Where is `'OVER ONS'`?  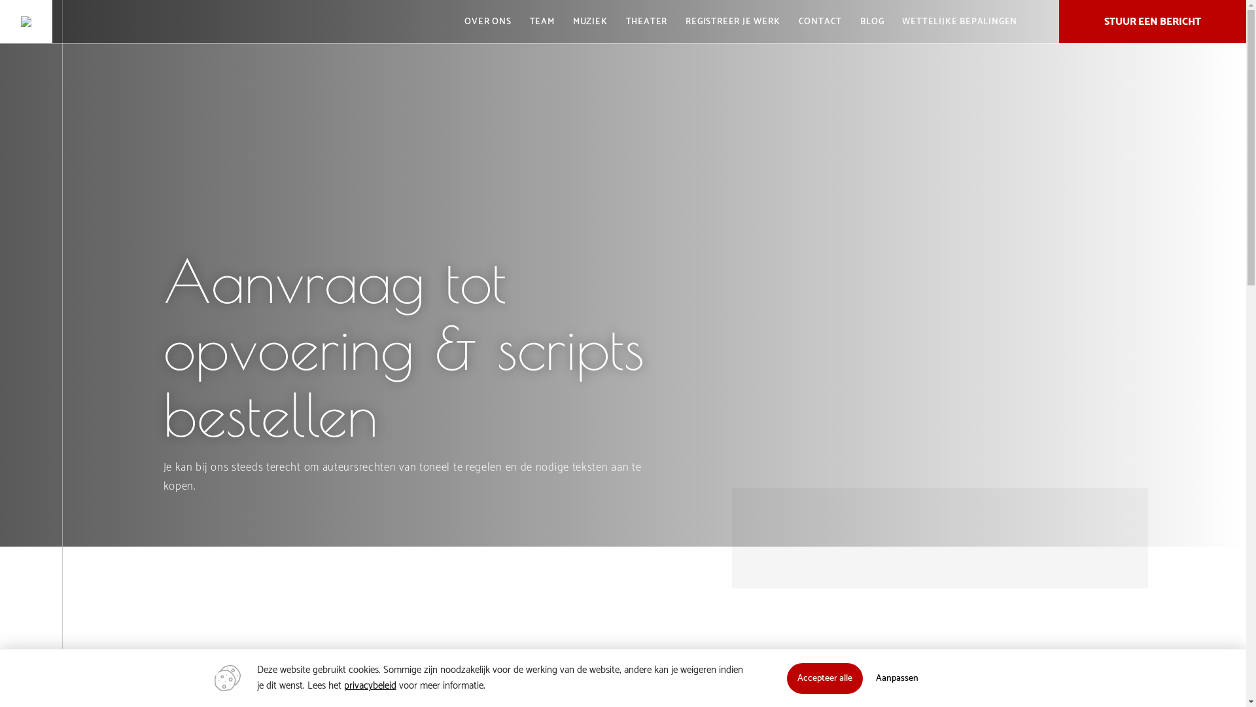
'OVER ONS' is located at coordinates (487, 22).